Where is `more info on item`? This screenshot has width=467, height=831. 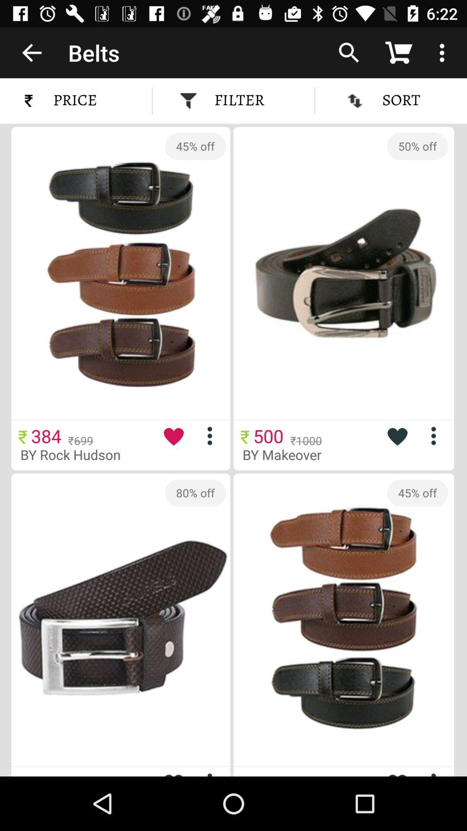 more info on item is located at coordinates (213, 773).